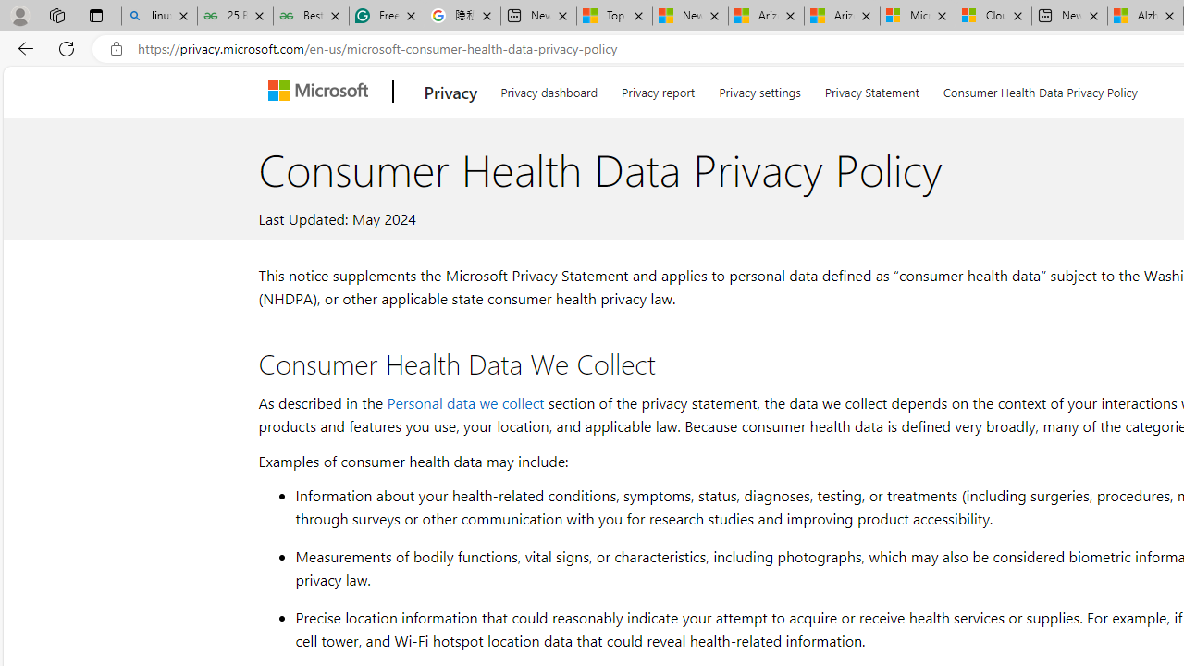  I want to click on 'Privacy settings', so click(759, 89).